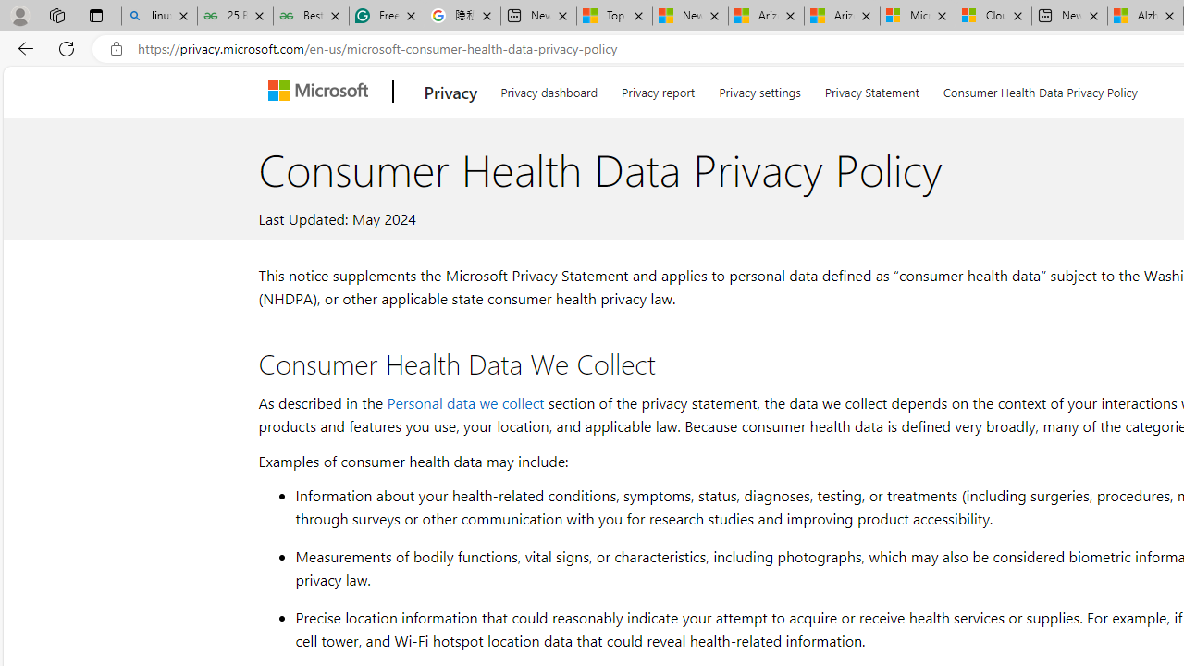  I want to click on 'Privacy settings', so click(759, 89).